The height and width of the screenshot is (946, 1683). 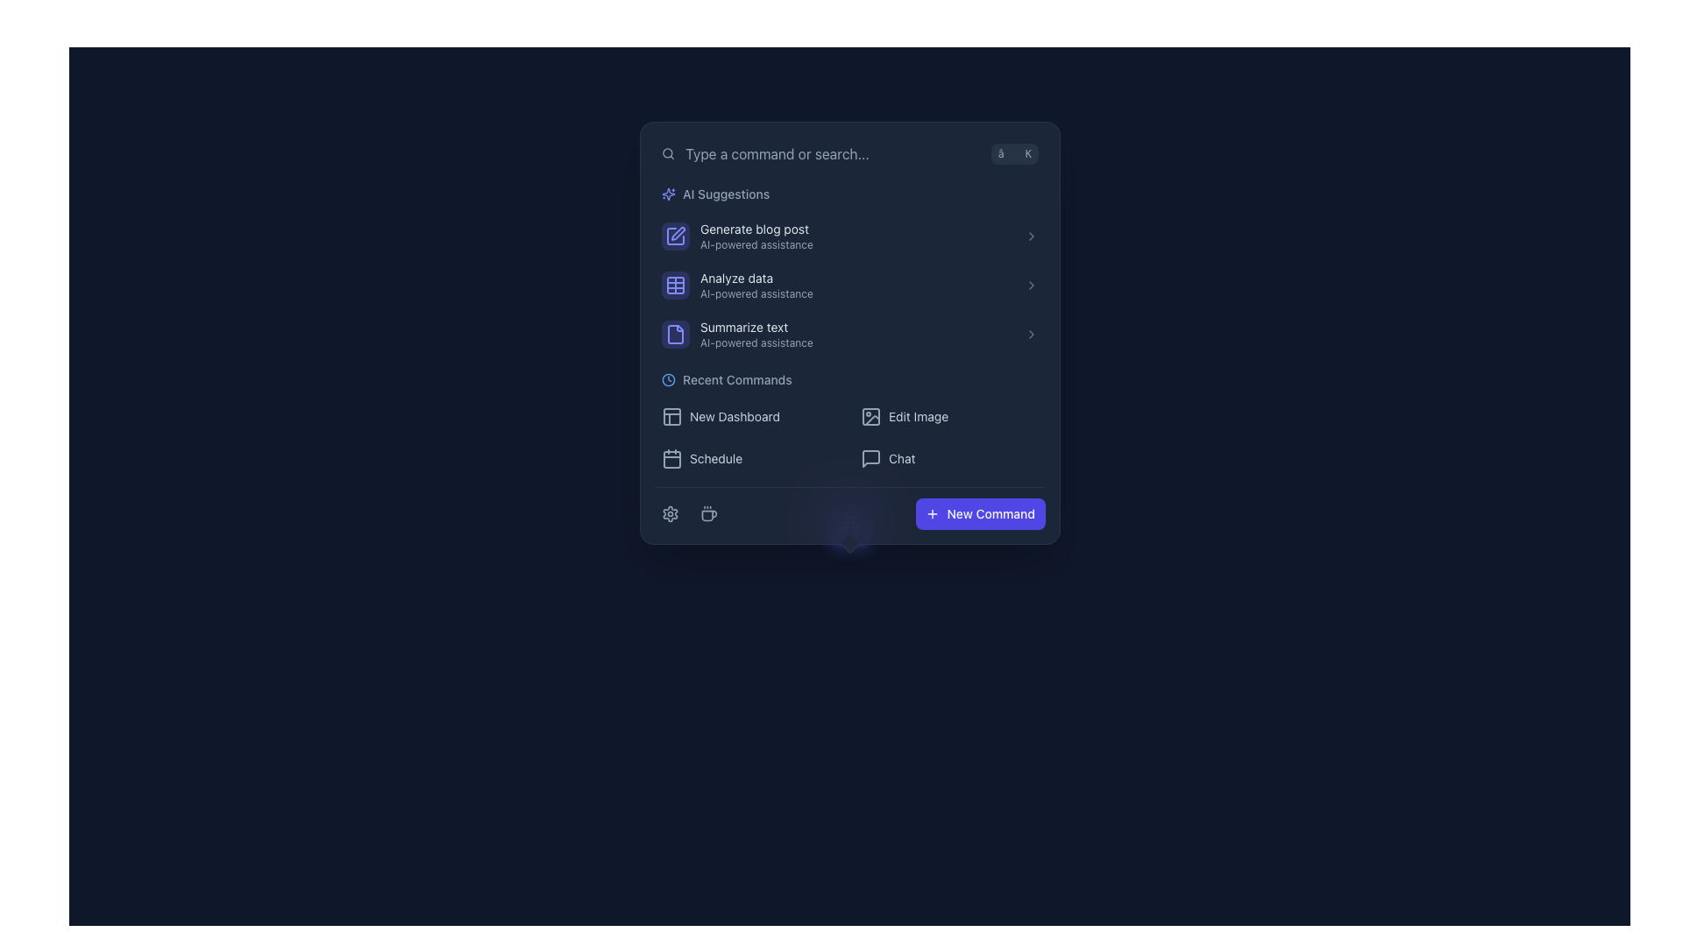 I want to click on the violet square-shaped pencil icon located near the 'Generate blog post' text label under 'AI Suggestions' to trigger hover effects, so click(x=674, y=236).